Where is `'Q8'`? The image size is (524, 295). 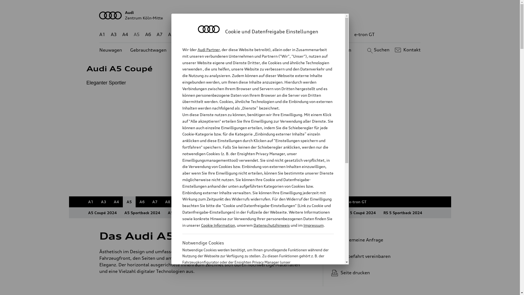
'Q8' is located at coordinates (255, 34).